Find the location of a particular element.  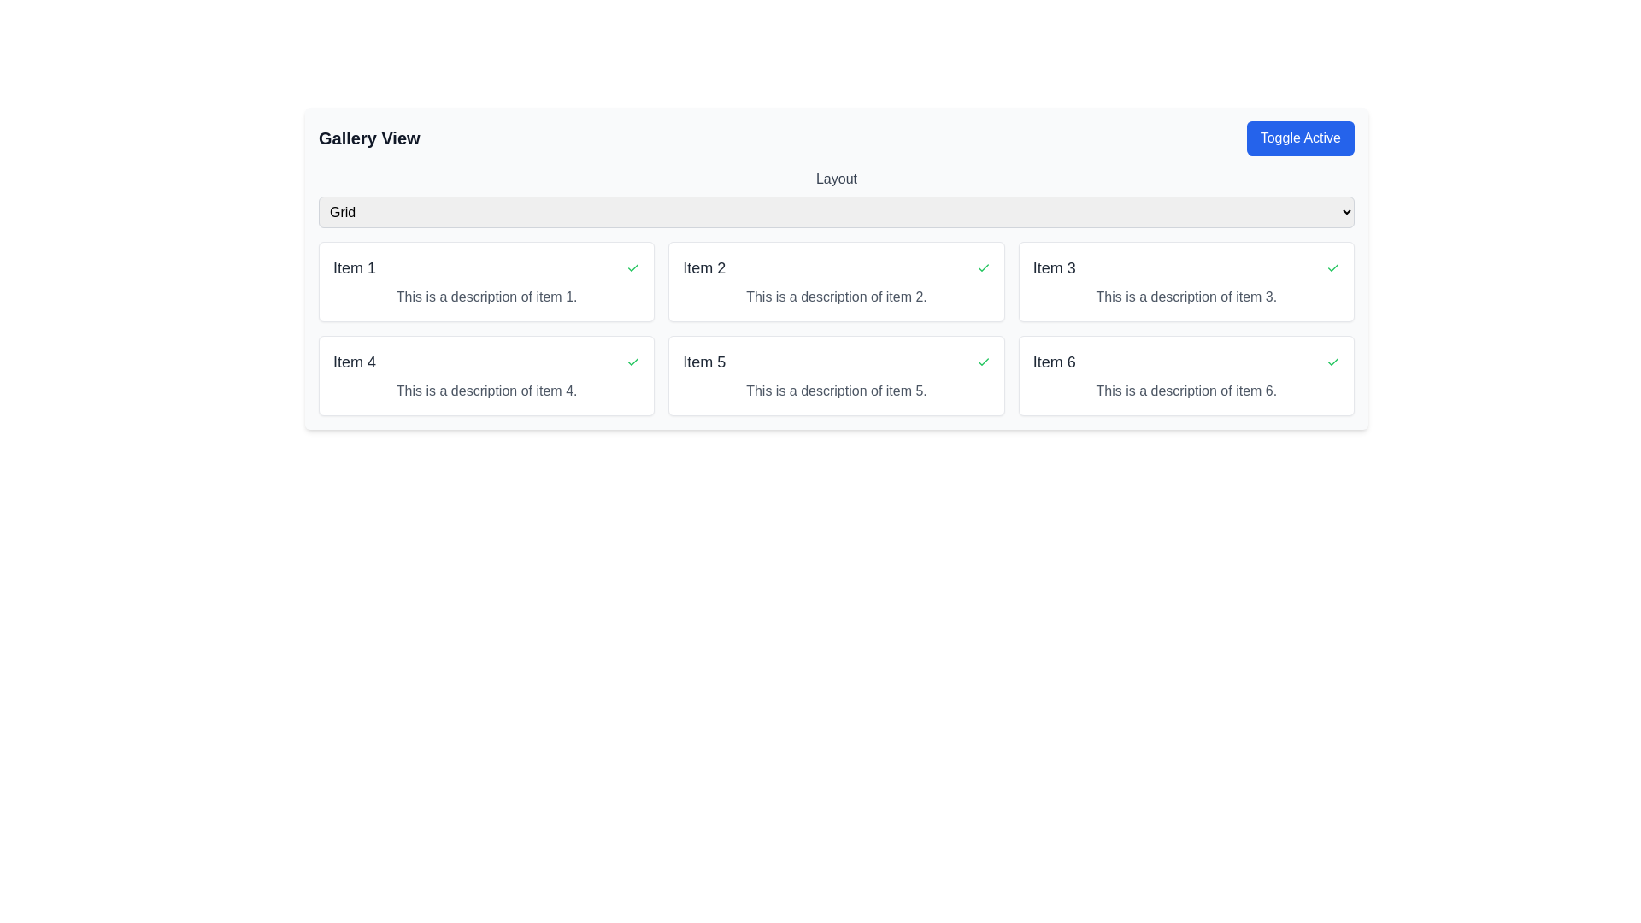

the text label element displaying 'Item 4' in bold, dark gray font, which serves as a header for the section under 'Gallery View' is located at coordinates (354, 362).